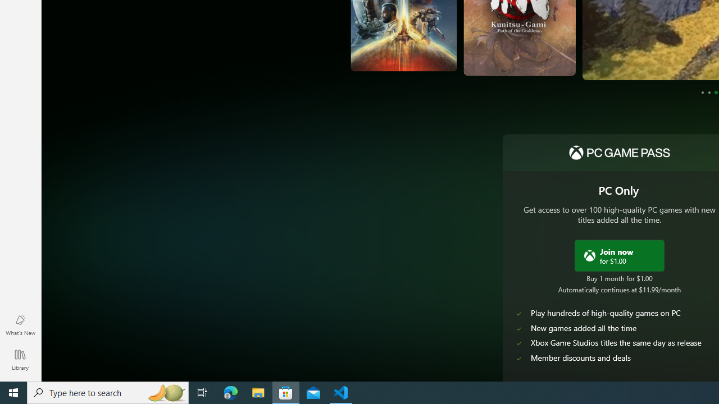 Image resolution: width=719 pixels, height=404 pixels. What do you see at coordinates (618, 153) in the screenshot?
I see `'PC Game Pass logo'` at bounding box center [618, 153].